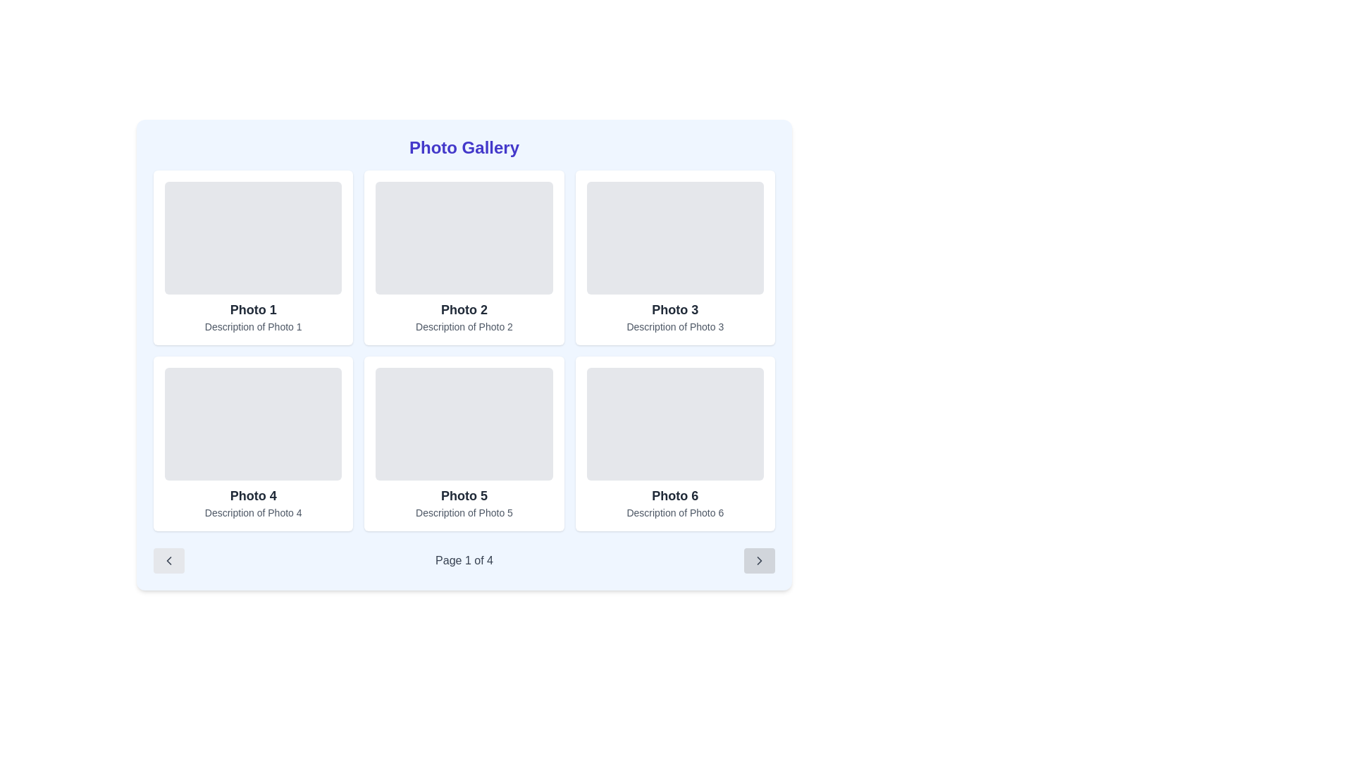  I want to click on the static text label reading 'Description of Photo 4', which is styled in a smaller gray font and located at the bottom of the 'Photo 4' grid item, so click(253, 513).